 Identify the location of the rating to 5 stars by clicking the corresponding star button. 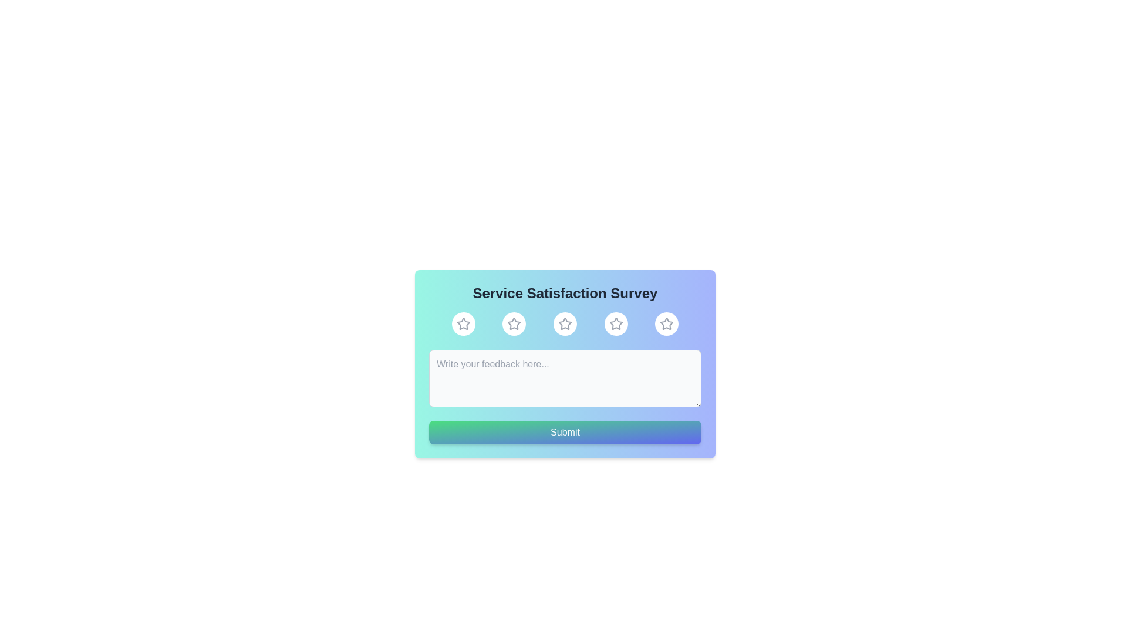
(667, 323).